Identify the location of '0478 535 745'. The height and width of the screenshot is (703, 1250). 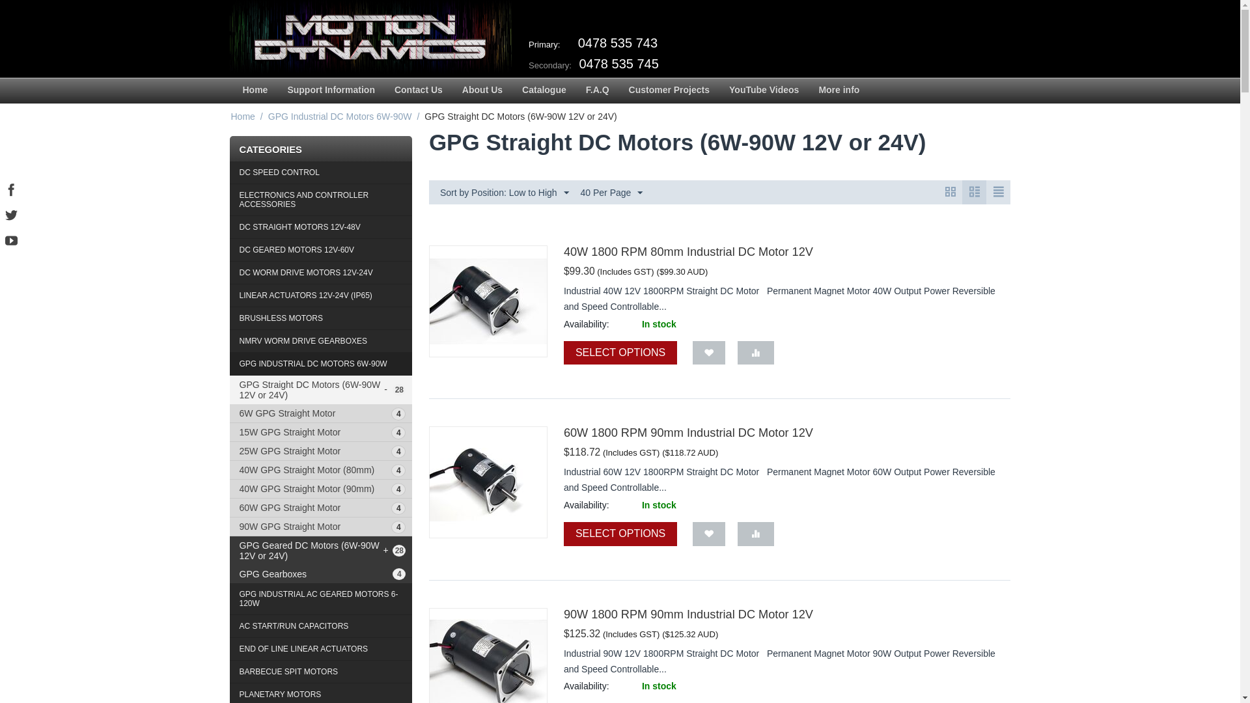
(618, 63).